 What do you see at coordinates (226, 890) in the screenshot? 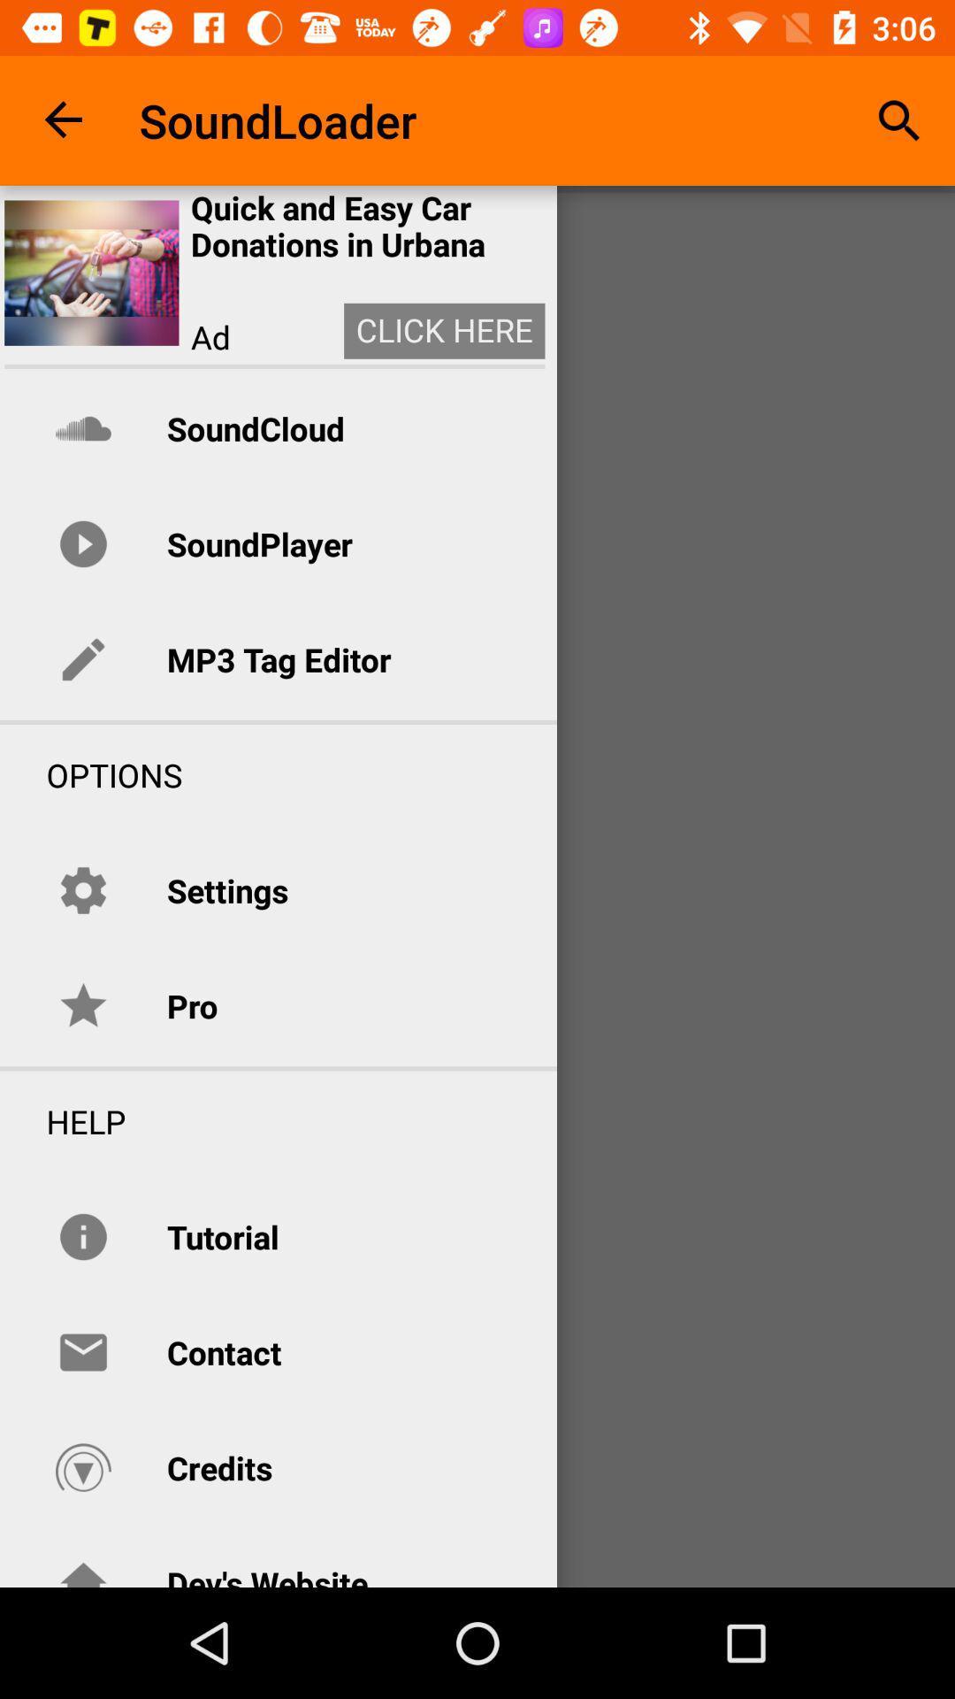
I see `settings icon` at bounding box center [226, 890].